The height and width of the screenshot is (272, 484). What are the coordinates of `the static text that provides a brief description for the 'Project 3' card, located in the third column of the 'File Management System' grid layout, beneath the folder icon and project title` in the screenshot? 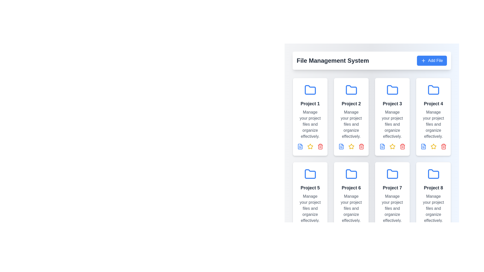 It's located at (392, 124).